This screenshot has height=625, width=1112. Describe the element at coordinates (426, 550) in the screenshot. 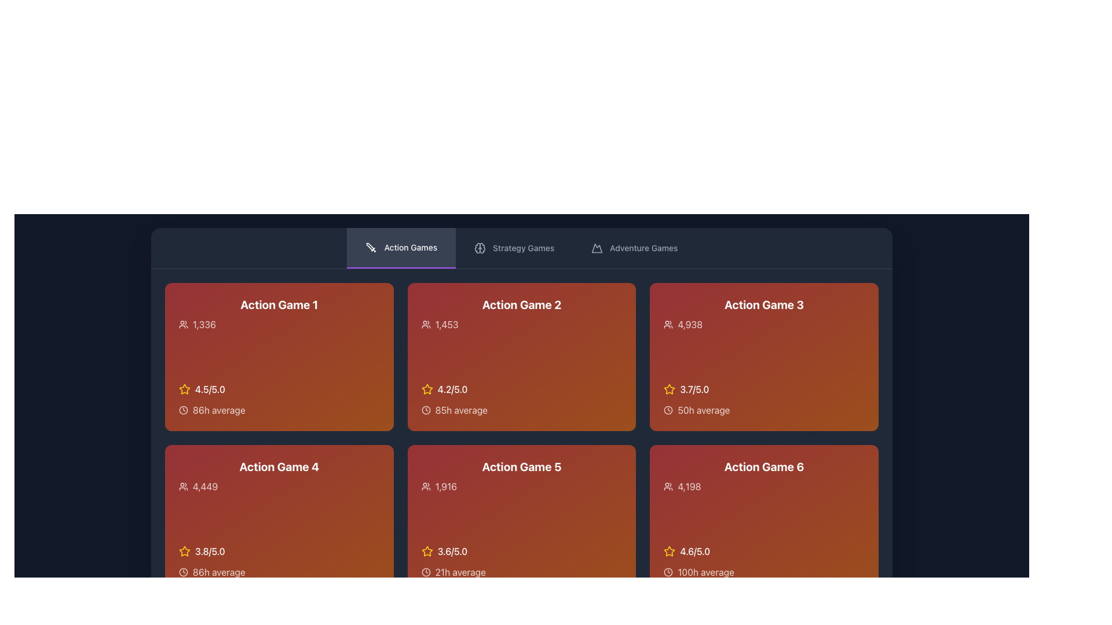

I see `the yellow star icon in the rating section of the 'Action Game 5' game card, which is located on a red-orange background next to the rating value '3.6/5.0'` at that location.